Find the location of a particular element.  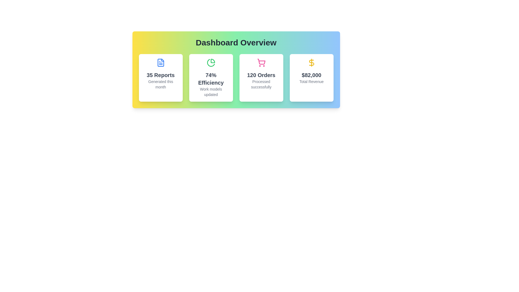

the summary headline text label that provides a numerical report or status update, positioned above the smaller gray text 'Generated this month' and below a blue document icon is located at coordinates (160, 75).